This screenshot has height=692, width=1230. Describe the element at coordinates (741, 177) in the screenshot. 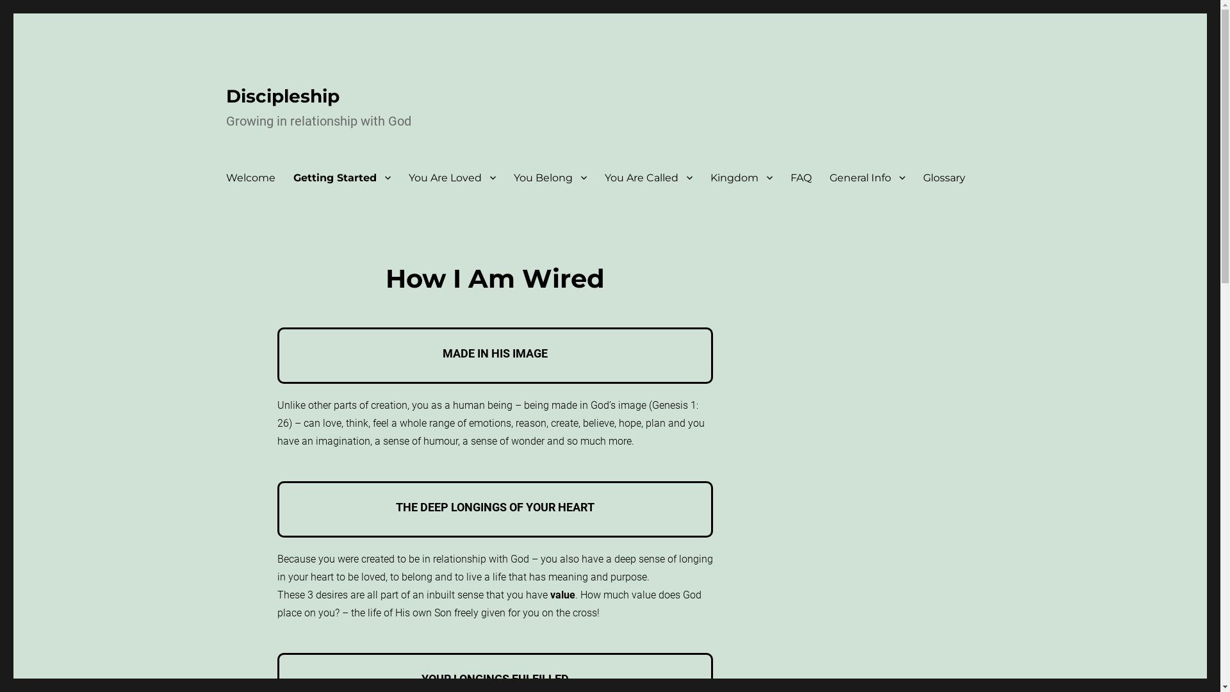

I see `'Kingdom'` at that location.